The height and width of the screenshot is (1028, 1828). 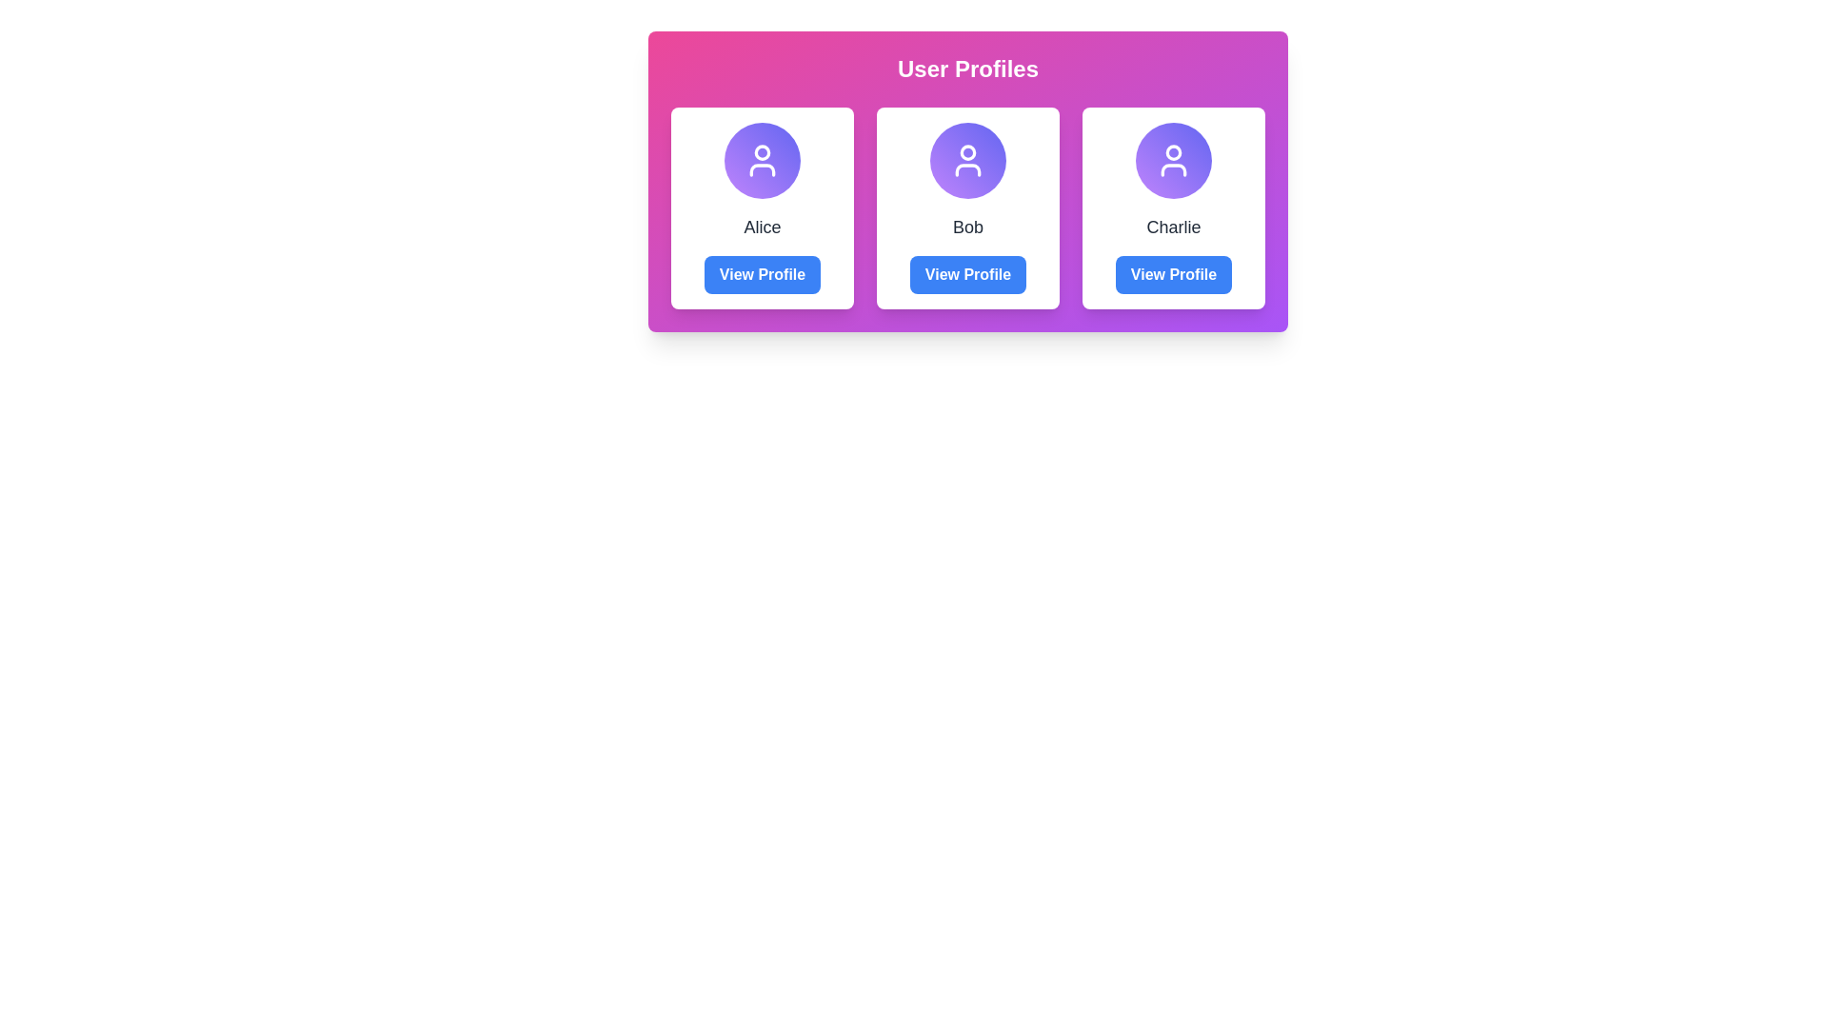 What do you see at coordinates (968, 160) in the screenshot?
I see `the circular user avatar featuring a gradient background and a white user icon, which is positioned at the top of the user profile card` at bounding box center [968, 160].